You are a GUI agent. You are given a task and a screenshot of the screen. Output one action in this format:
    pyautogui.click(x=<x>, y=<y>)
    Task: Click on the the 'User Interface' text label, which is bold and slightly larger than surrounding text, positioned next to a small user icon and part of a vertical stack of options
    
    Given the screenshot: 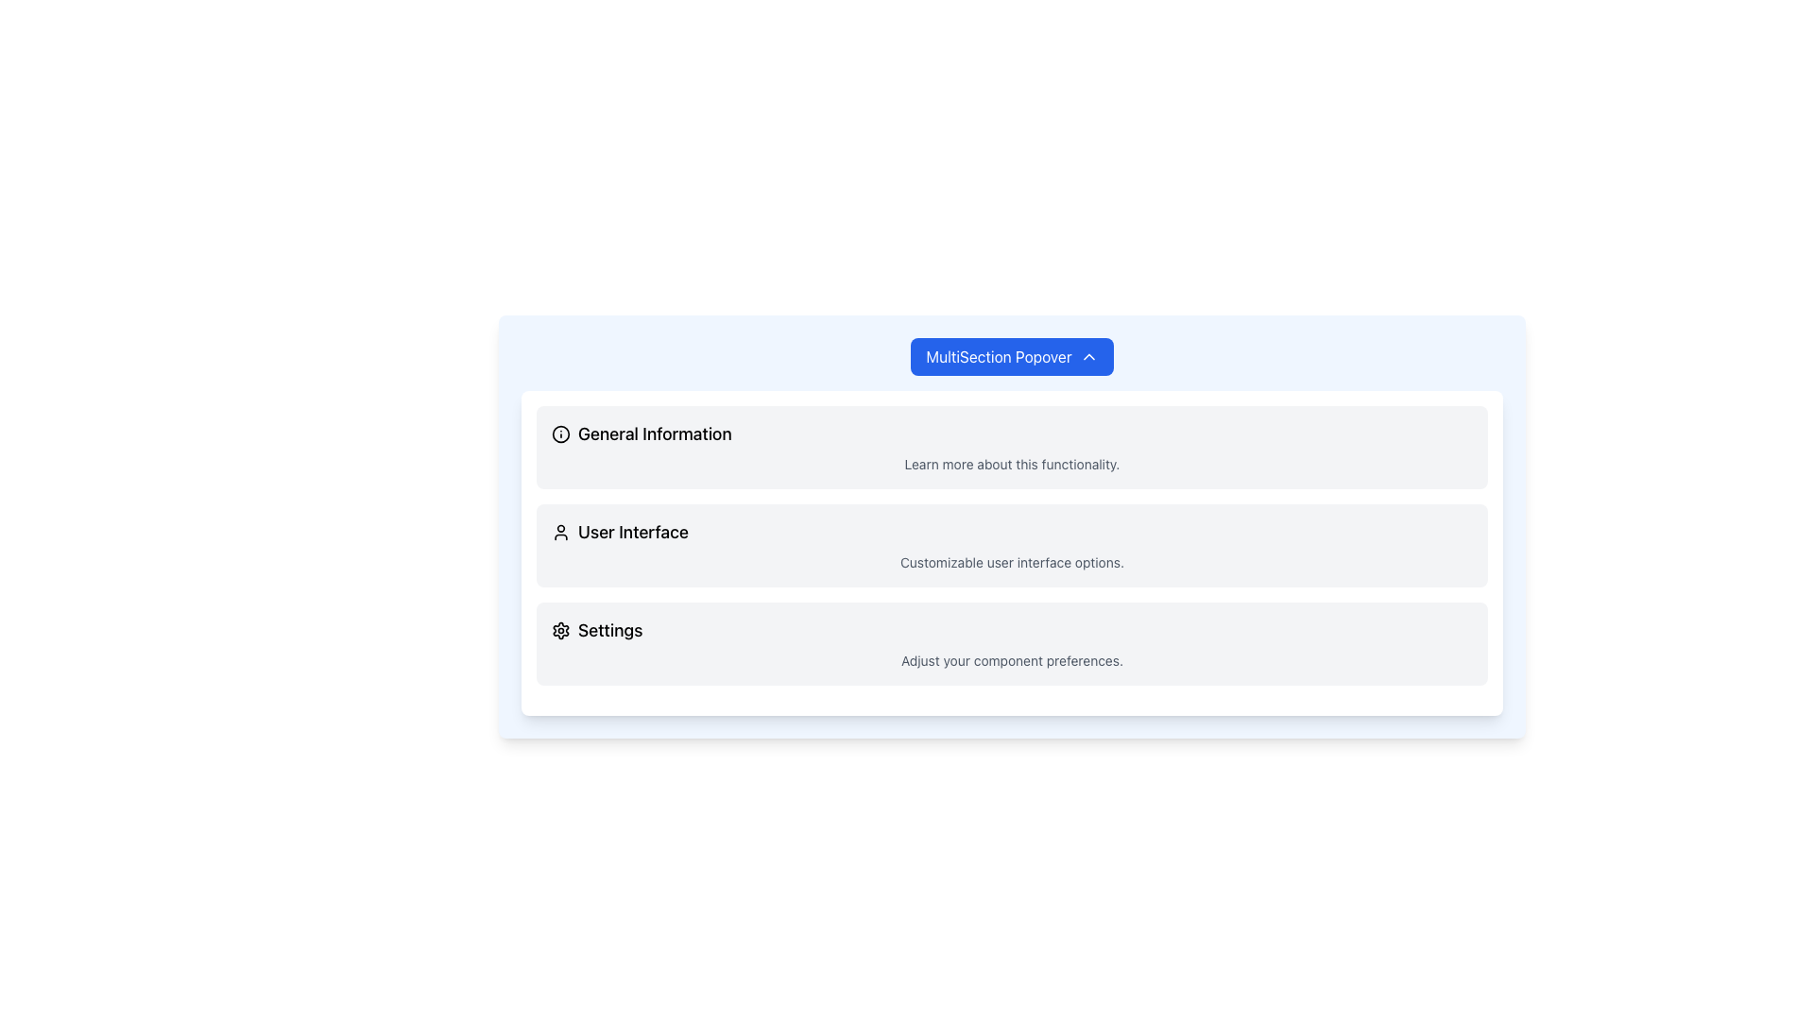 What is the action you would take?
    pyautogui.click(x=633, y=532)
    